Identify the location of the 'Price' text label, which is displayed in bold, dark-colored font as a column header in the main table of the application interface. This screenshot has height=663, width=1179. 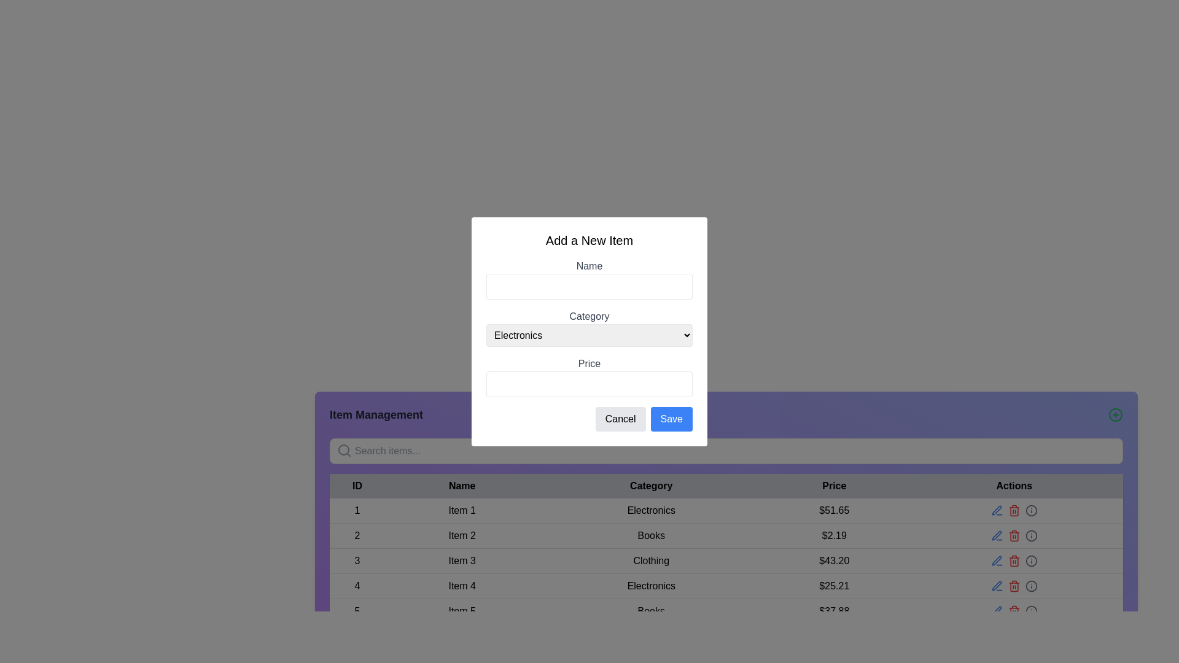
(834, 485).